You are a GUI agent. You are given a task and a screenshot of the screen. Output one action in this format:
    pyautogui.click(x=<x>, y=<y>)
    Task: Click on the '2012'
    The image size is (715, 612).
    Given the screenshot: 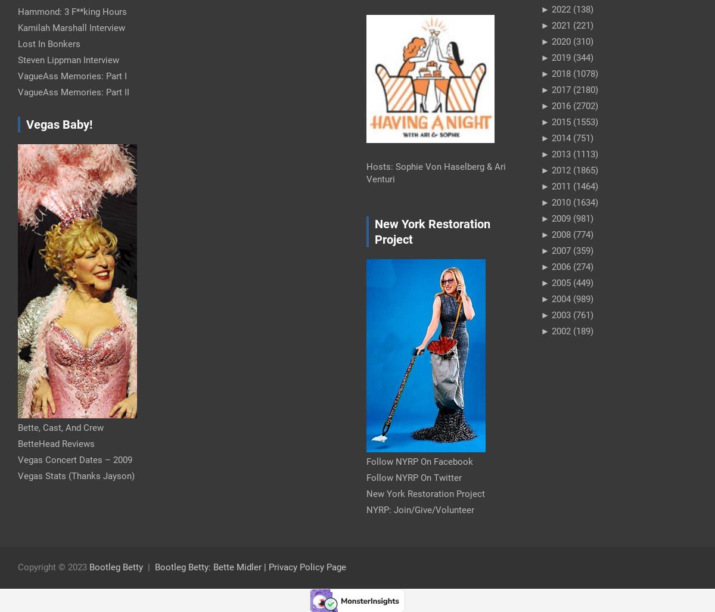 What is the action you would take?
    pyautogui.click(x=552, y=169)
    